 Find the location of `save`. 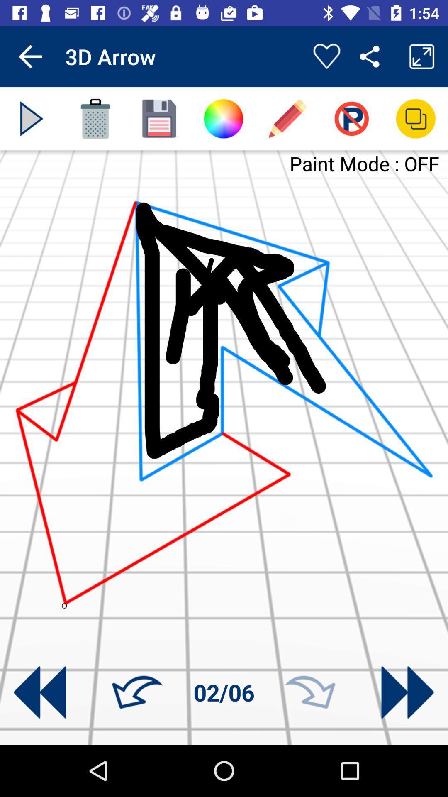

save is located at coordinates (159, 118).